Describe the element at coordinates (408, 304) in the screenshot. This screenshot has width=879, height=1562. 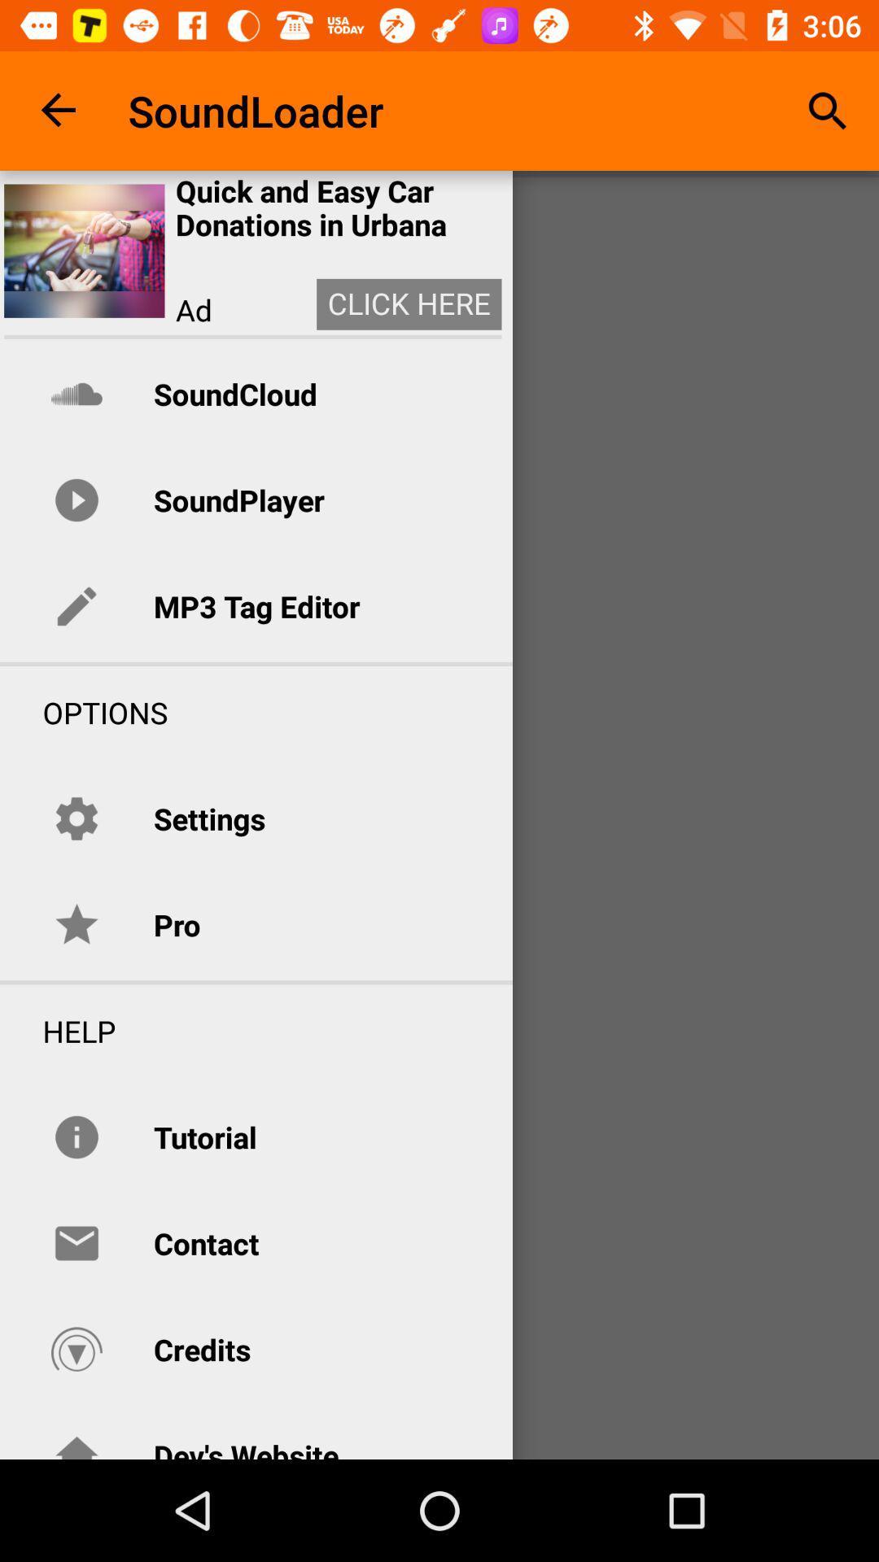
I see `the icon to the right of ad` at that location.